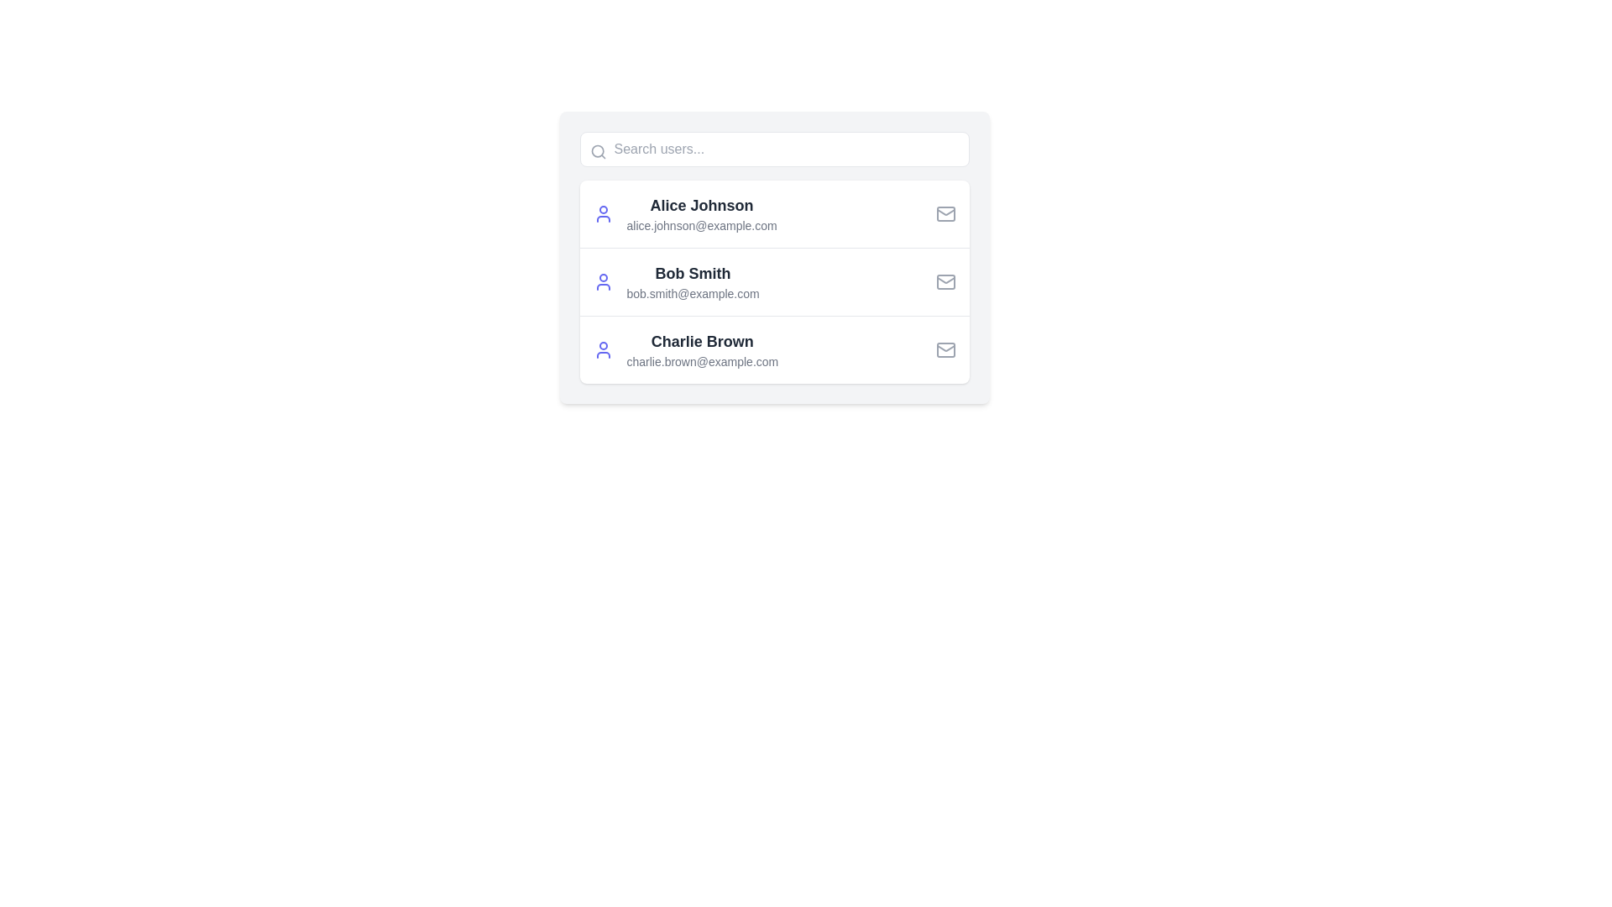 This screenshot has width=1612, height=907. What do you see at coordinates (945, 280) in the screenshot?
I see `the mail icon styled as a mail envelope located in the upper-right corner of the row associated with 'Bob Smith'` at bounding box center [945, 280].